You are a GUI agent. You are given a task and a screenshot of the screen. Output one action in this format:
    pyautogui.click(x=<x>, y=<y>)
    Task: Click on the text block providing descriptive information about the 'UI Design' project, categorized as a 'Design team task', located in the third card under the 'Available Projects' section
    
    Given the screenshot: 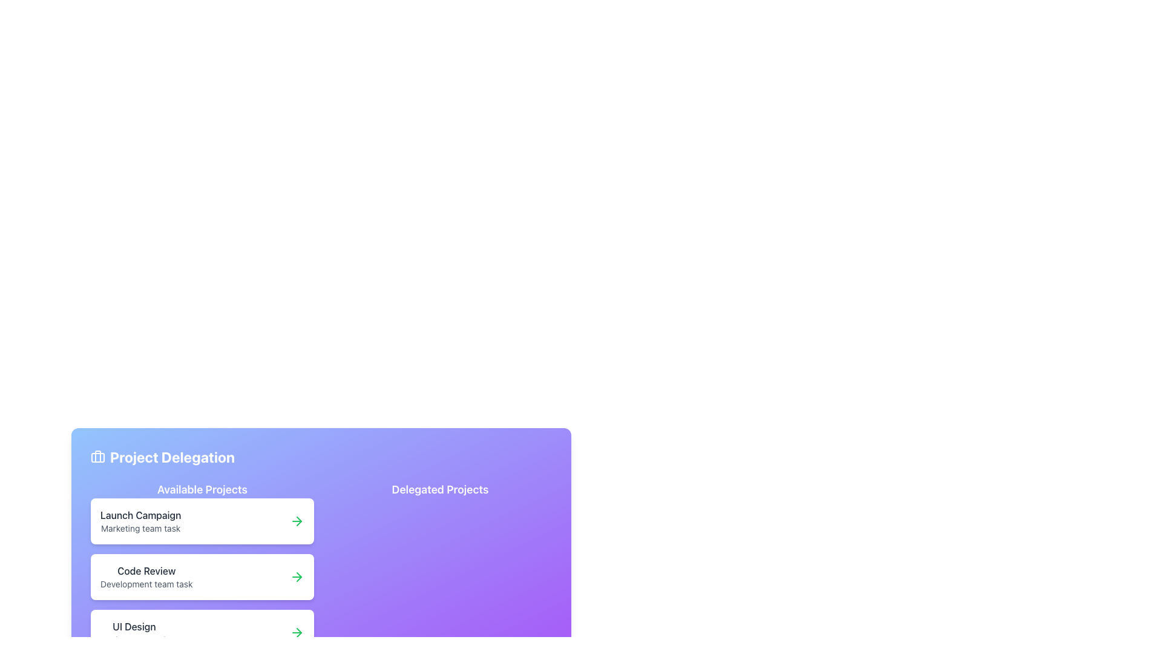 What is the action you would take?
    pyautogui.click(x=134, y=632)
    